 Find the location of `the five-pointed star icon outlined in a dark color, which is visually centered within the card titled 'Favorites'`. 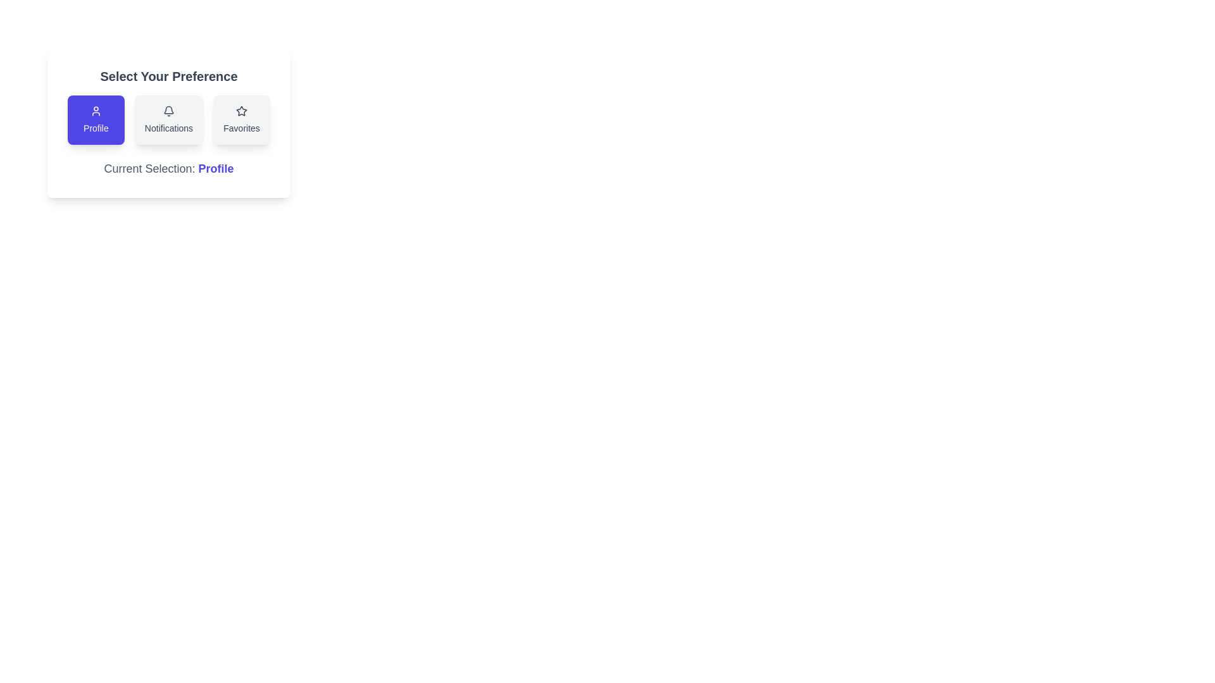

the five-pointed star icon outlined in a dark color, which is visually centered within the card titled 'Favorites' is located at coordinates (242, 111).